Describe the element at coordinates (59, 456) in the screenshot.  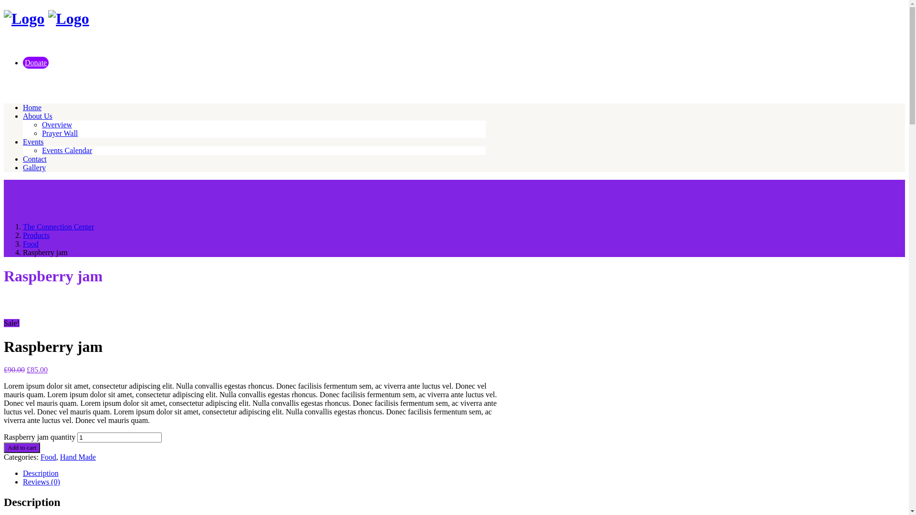
I see `'Hand Made'` at that location.